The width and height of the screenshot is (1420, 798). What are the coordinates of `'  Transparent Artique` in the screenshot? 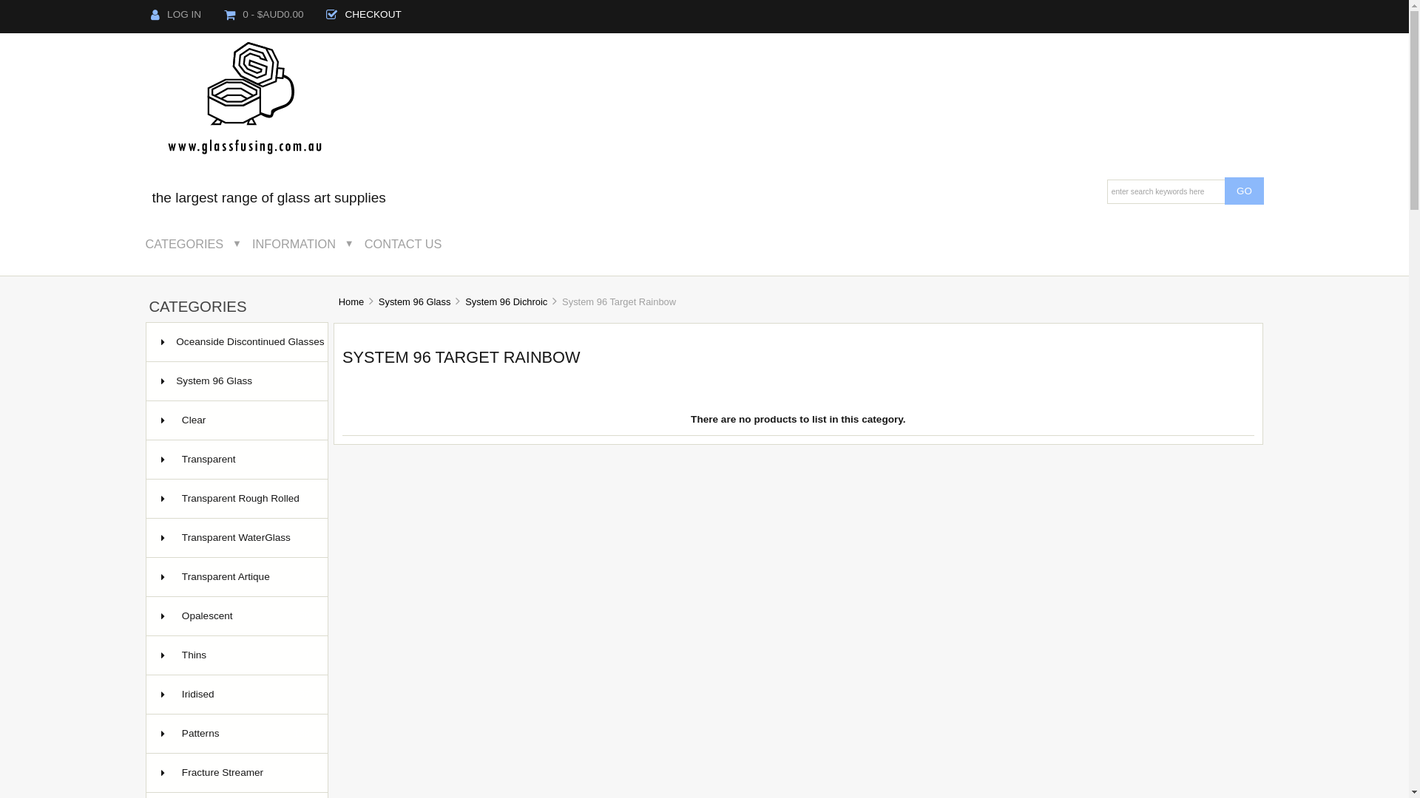 It's located at (237, 576).